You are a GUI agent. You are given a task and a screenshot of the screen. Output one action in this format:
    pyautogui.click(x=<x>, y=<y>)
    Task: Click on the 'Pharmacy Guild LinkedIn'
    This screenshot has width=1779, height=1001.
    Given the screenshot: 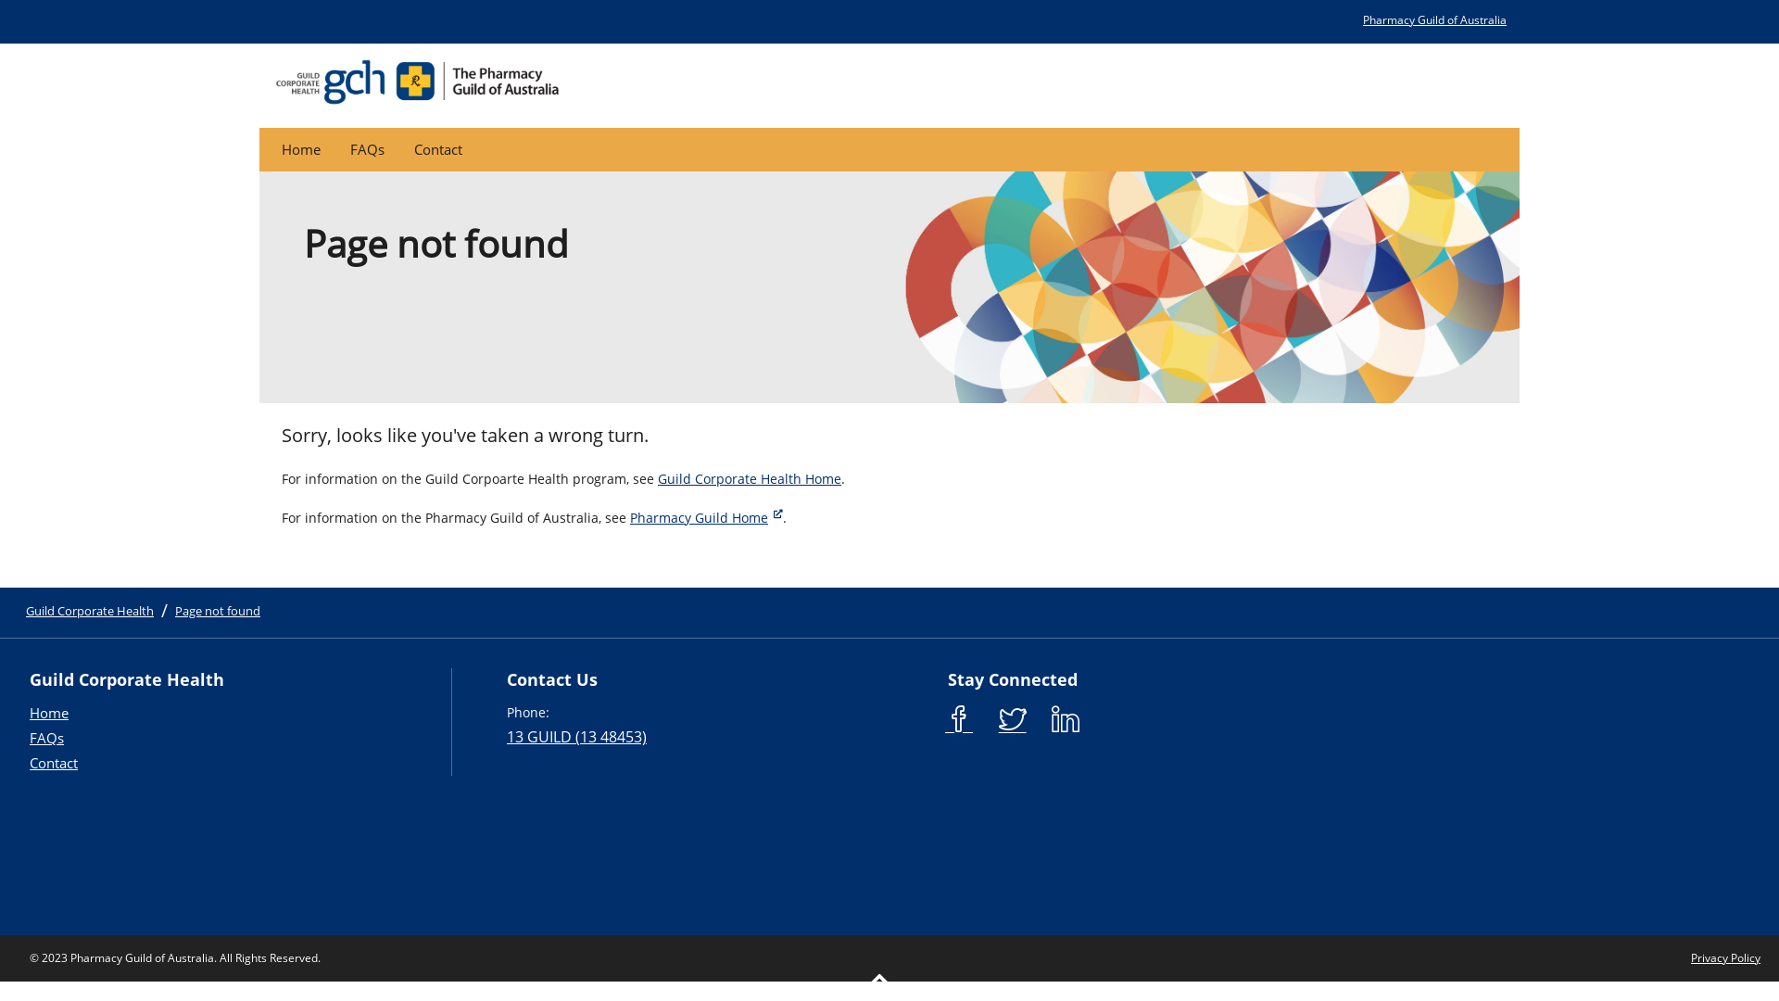 What is the action you would take?
    pyautogui.click(x=1066, y=717)
    